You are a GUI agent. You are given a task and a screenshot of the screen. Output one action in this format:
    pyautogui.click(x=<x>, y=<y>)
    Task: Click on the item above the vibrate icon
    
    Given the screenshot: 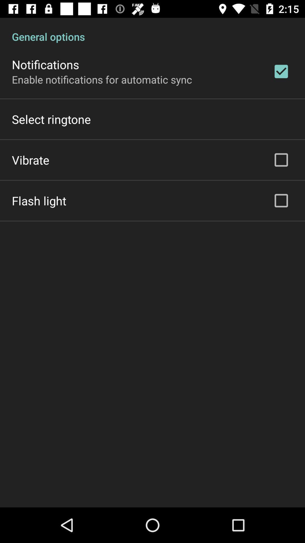 What is the action you would take?
    pyautogui.click(x=51, y=119)
    